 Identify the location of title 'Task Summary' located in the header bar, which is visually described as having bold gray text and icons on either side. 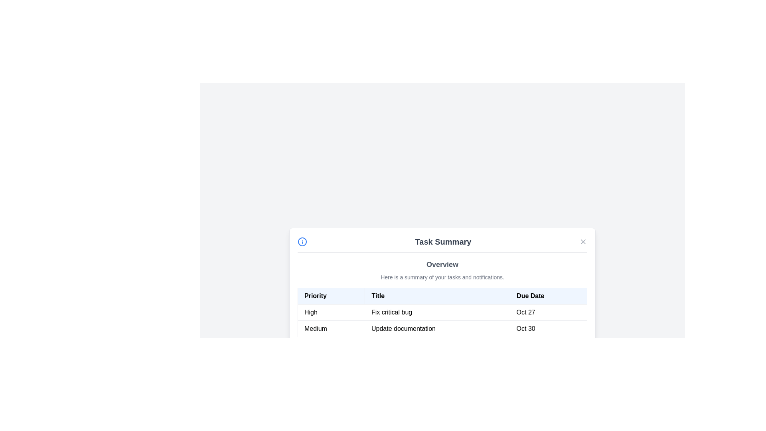
(442, 244).